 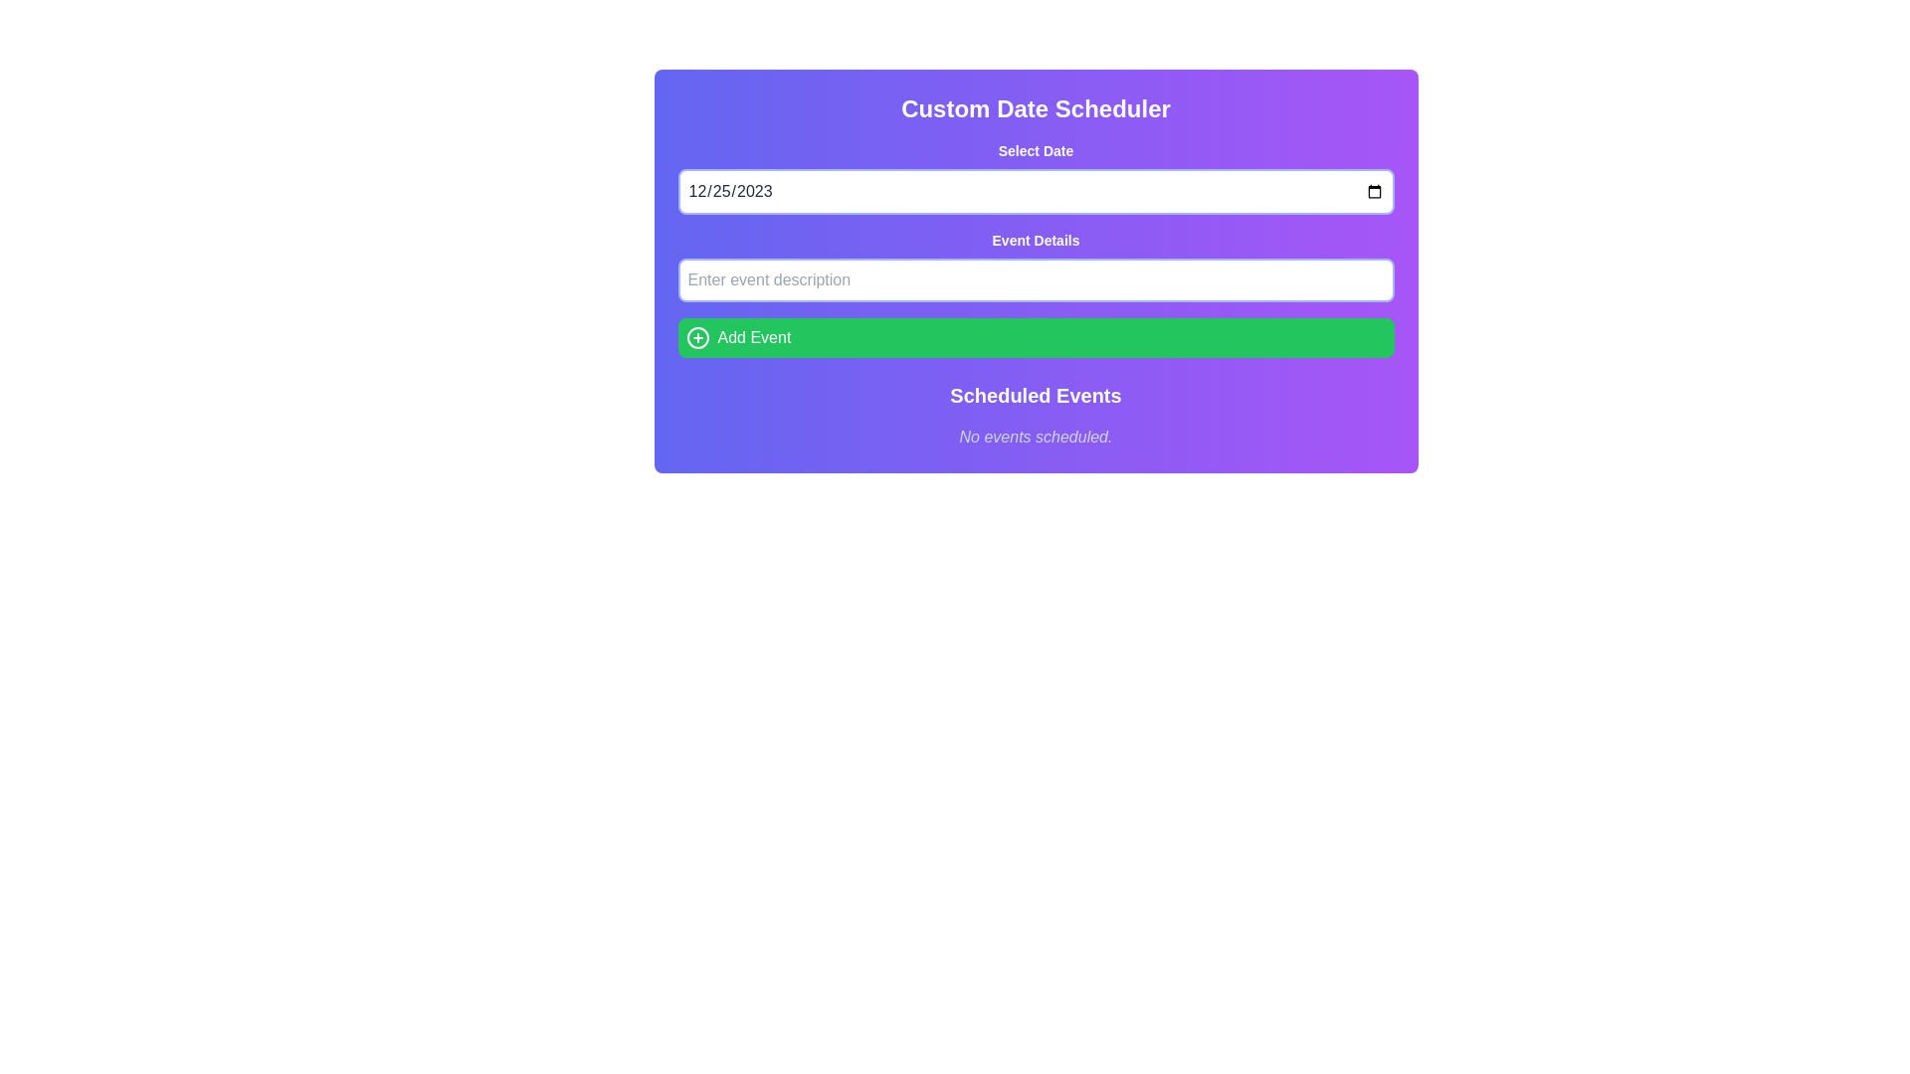 I want to click on the text input field labeled 'Event Details' to focus on it, so click(x=1035, y=265).